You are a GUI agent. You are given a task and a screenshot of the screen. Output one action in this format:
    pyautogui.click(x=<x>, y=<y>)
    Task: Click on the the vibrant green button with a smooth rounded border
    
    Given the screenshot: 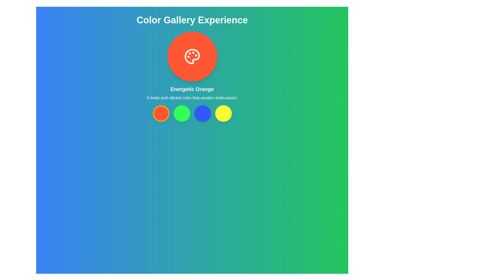 What is the action you would take?
    pyautogui.click(x=182, y=113)
    